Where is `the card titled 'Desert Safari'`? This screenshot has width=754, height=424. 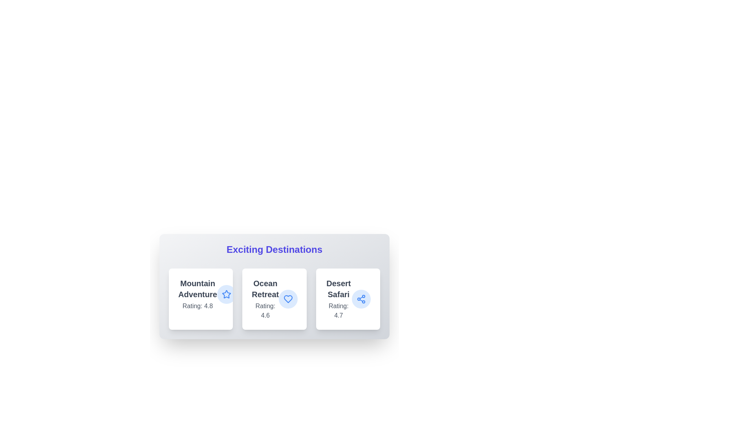 the card titled 'Desert Safari' is located at coordinates (348, 299).